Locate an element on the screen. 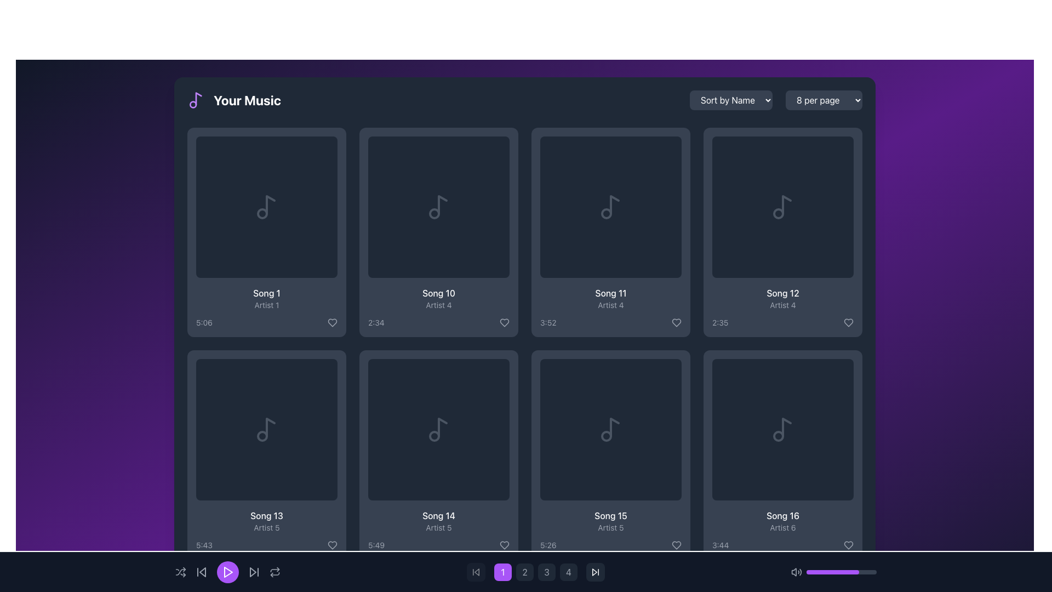  the music track card located is located at coordinates (439, 232).